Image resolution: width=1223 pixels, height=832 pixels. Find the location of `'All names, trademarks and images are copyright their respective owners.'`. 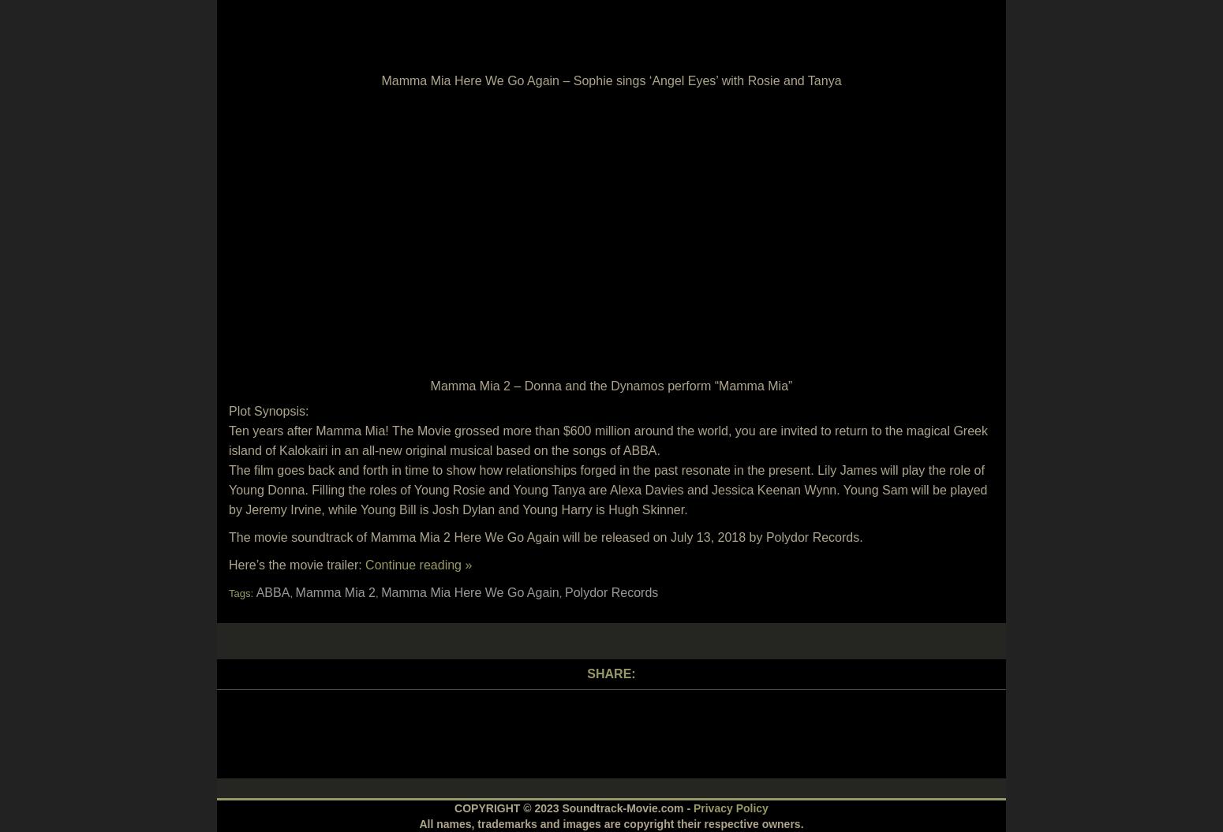

'All names, trademarks and images are copyright their respective owners.' is located at coordinates (418, 823).